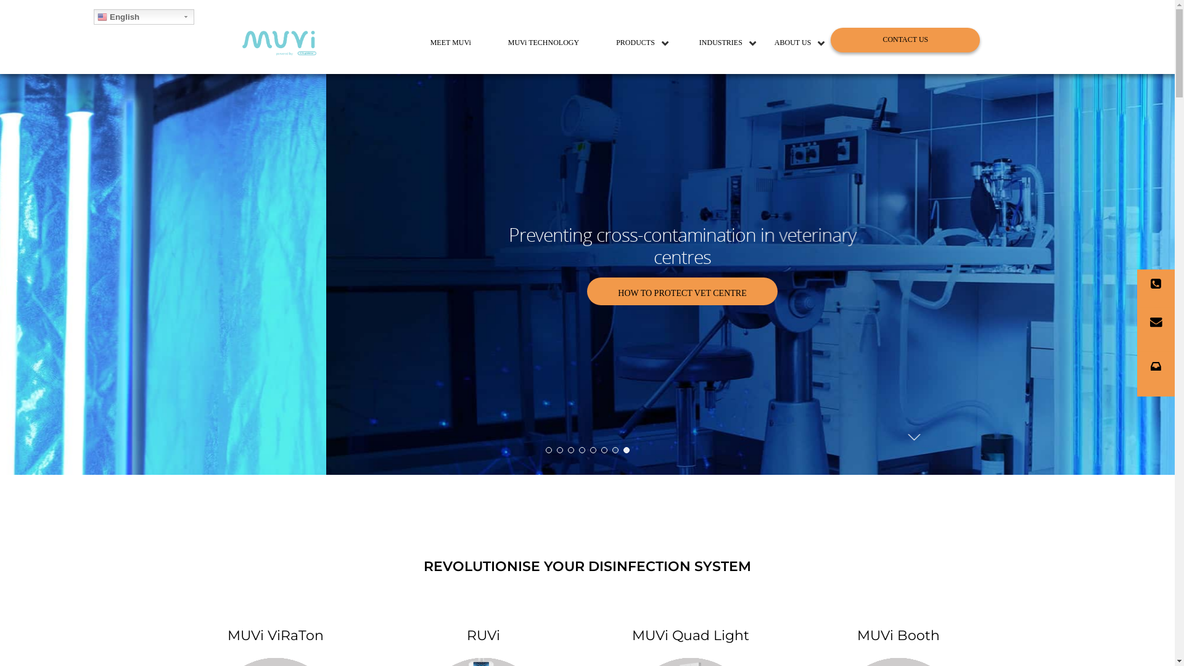  What do you see at coordinates (792, 42) in the screenshot?
I see `'ABOUT US'` at bounding box center [792, 42].